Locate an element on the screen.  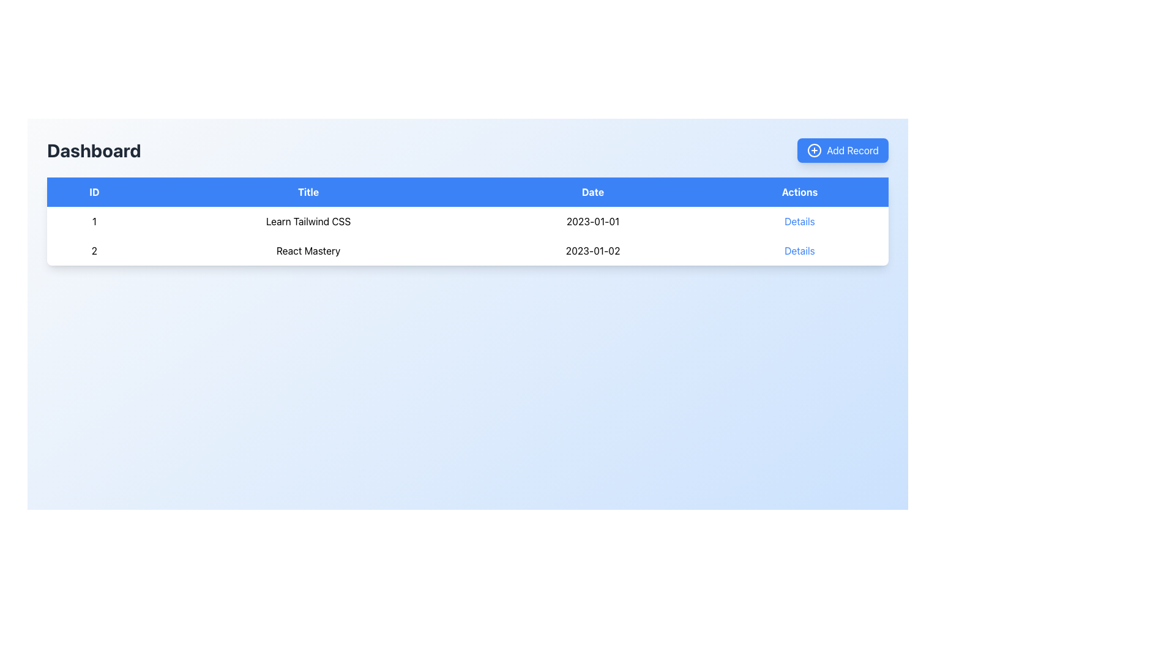
the static text label displaying the date '2023-01-02' located in the third column of the second row in the data table is located at coordinates (593, 250).